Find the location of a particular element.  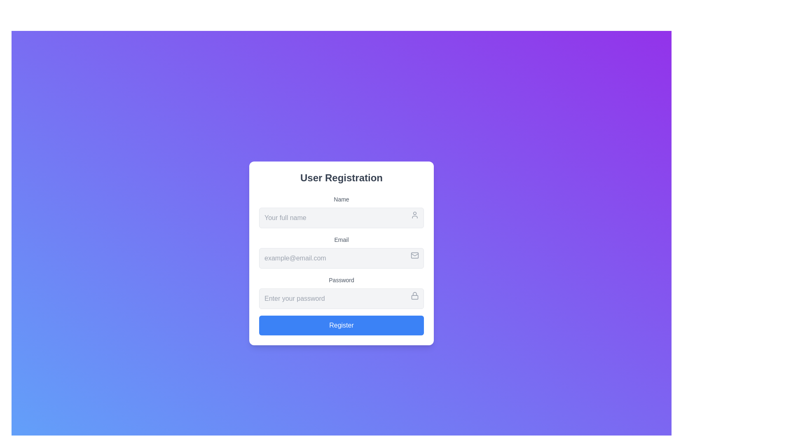

the decorative icon element inside the 'Name' input field of the user registration form, located on the right side of the input box is located at coordinates (415, 214).